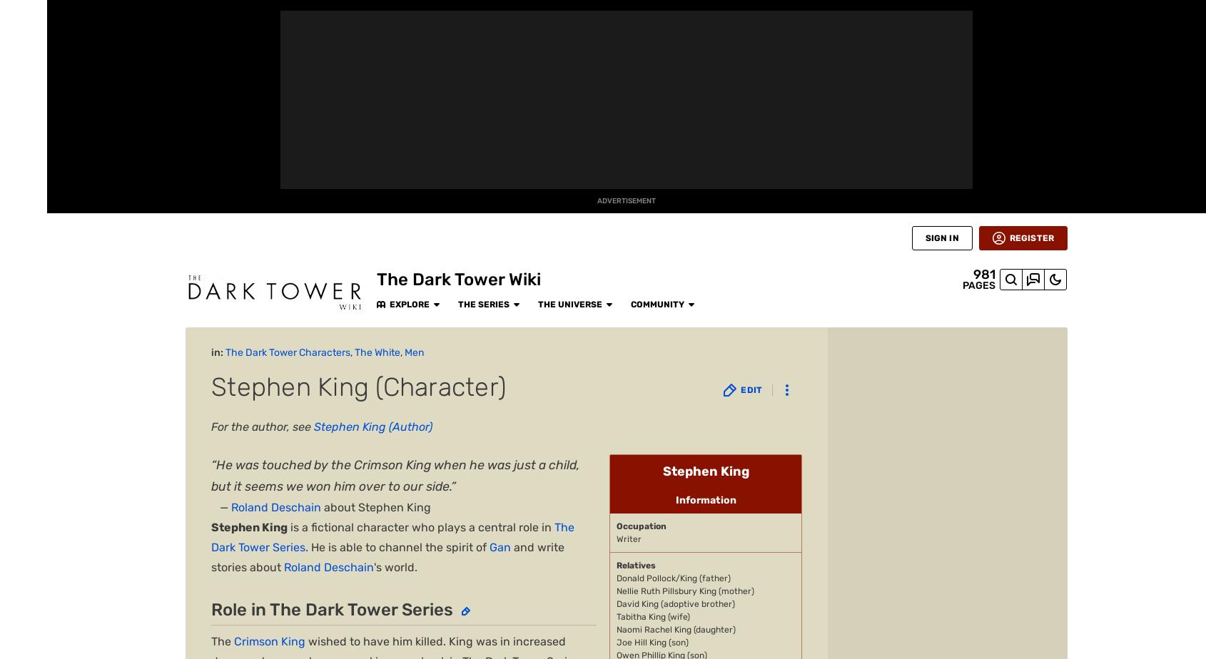  I want to click on 'Fan Central', so click(22, 137).